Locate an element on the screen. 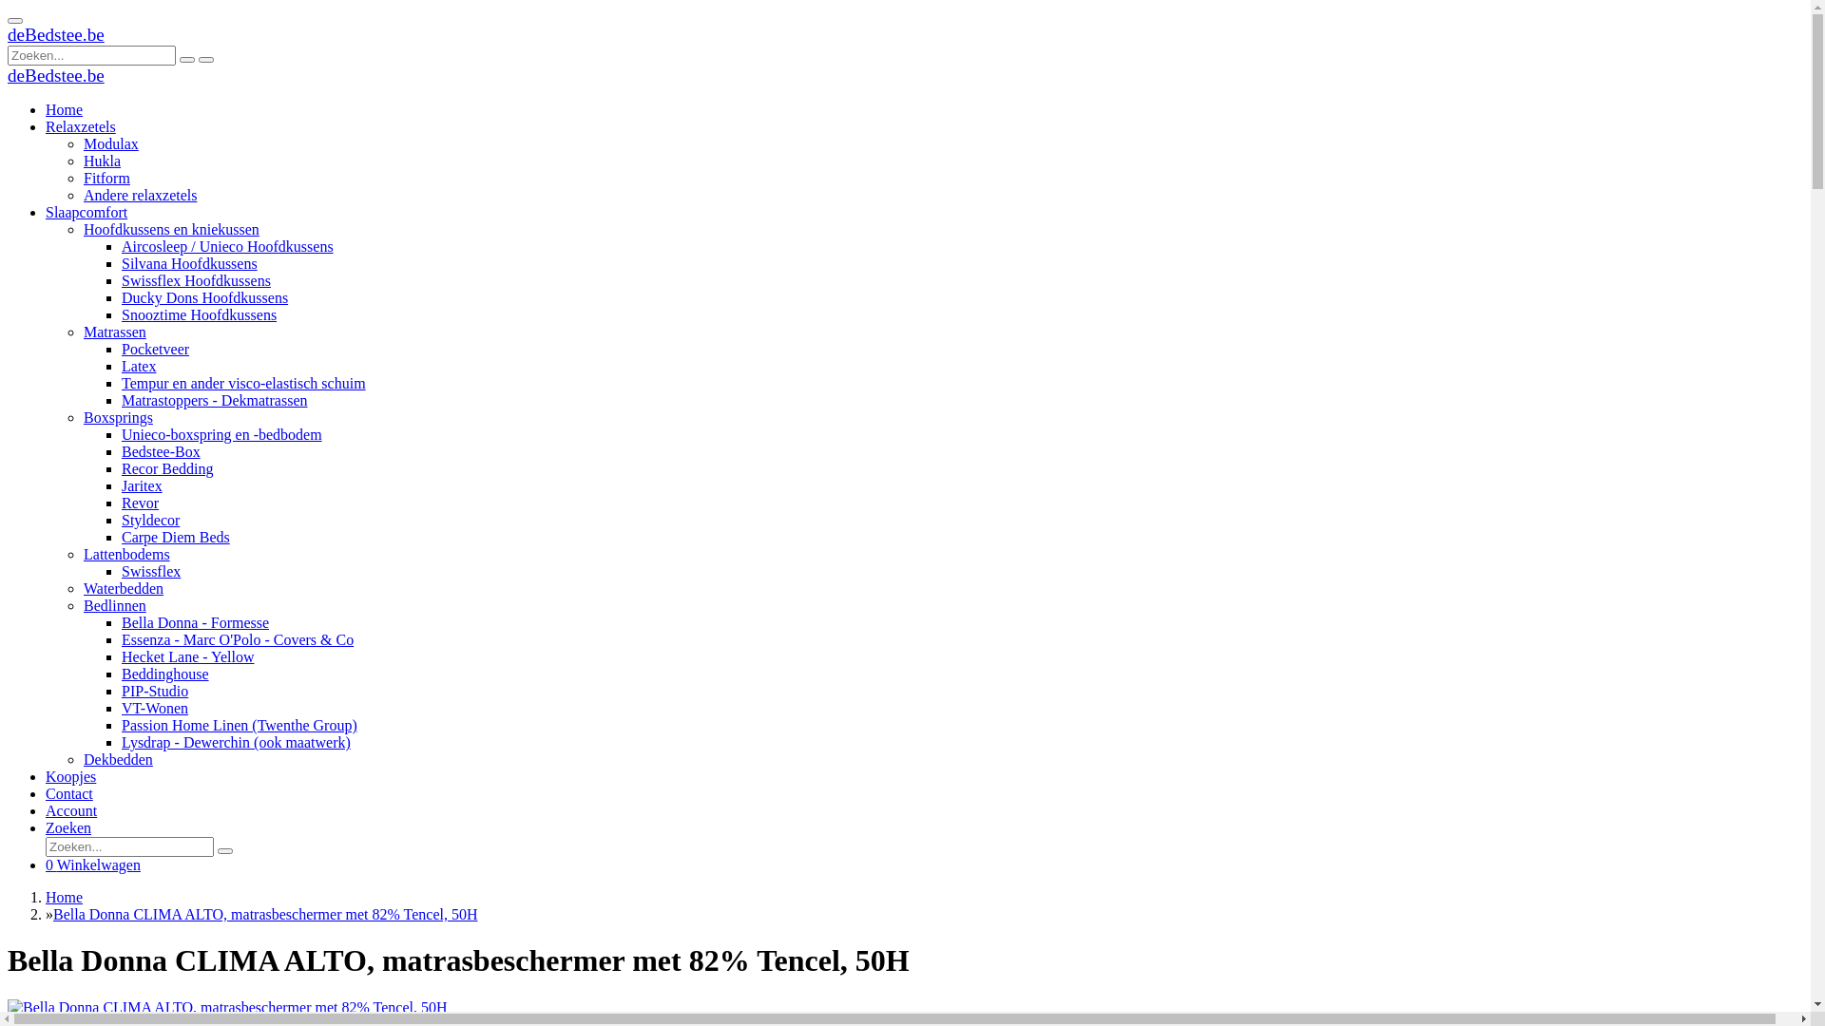  'Swissflex' is located at coordinates (149, 570).